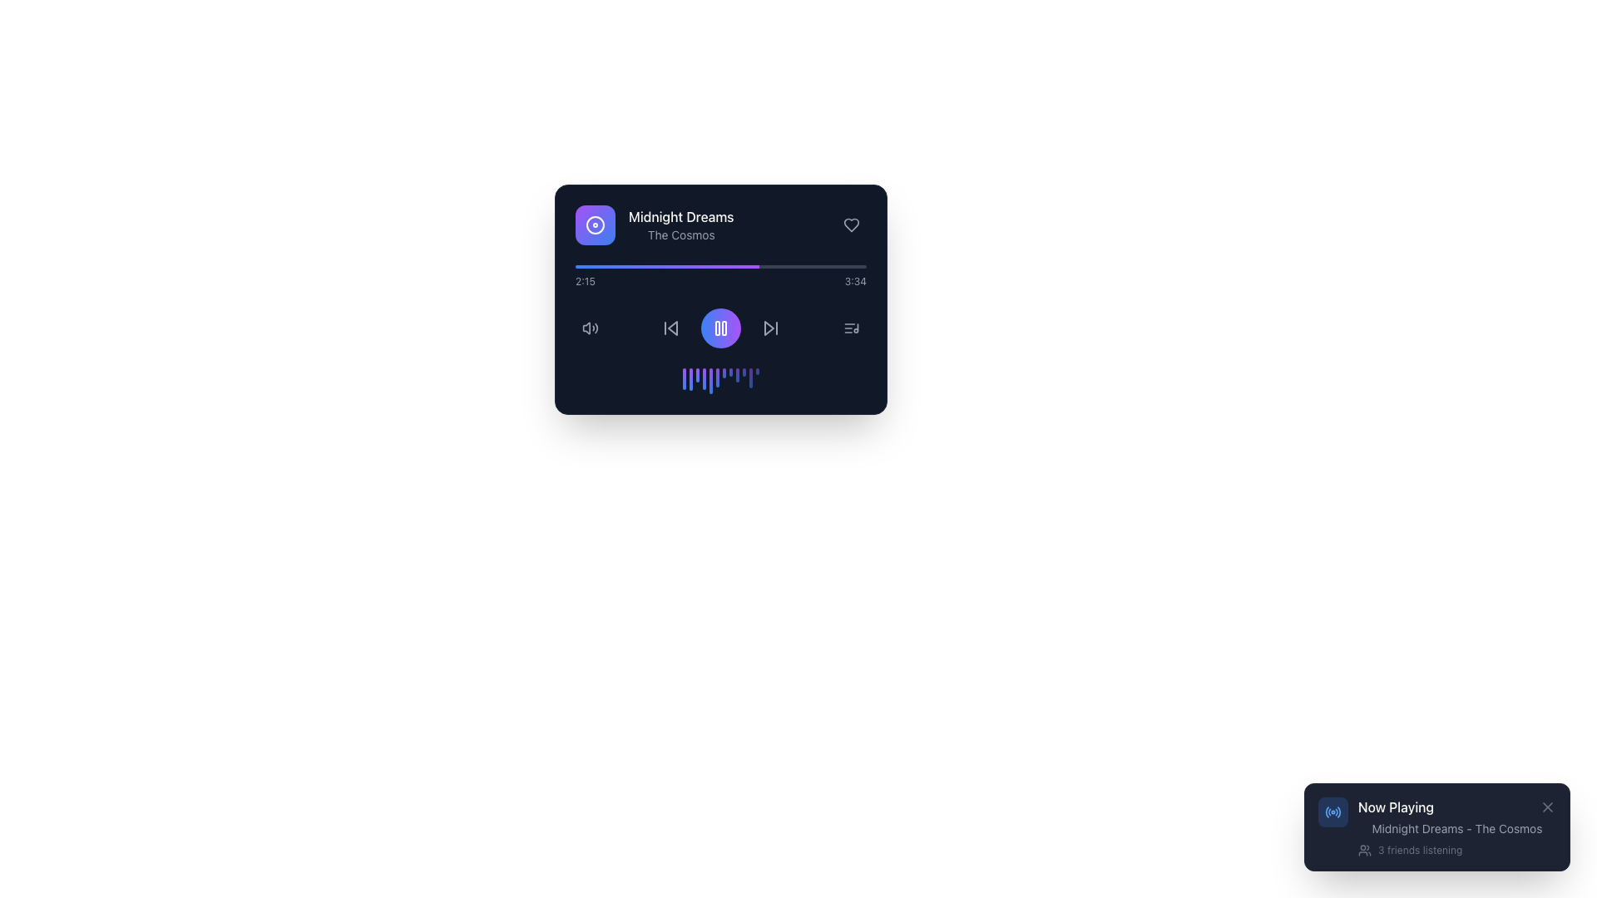  I want to click on the decorative waveform visualization component located at the bottom-center of the music player interface, so click(721, 381).